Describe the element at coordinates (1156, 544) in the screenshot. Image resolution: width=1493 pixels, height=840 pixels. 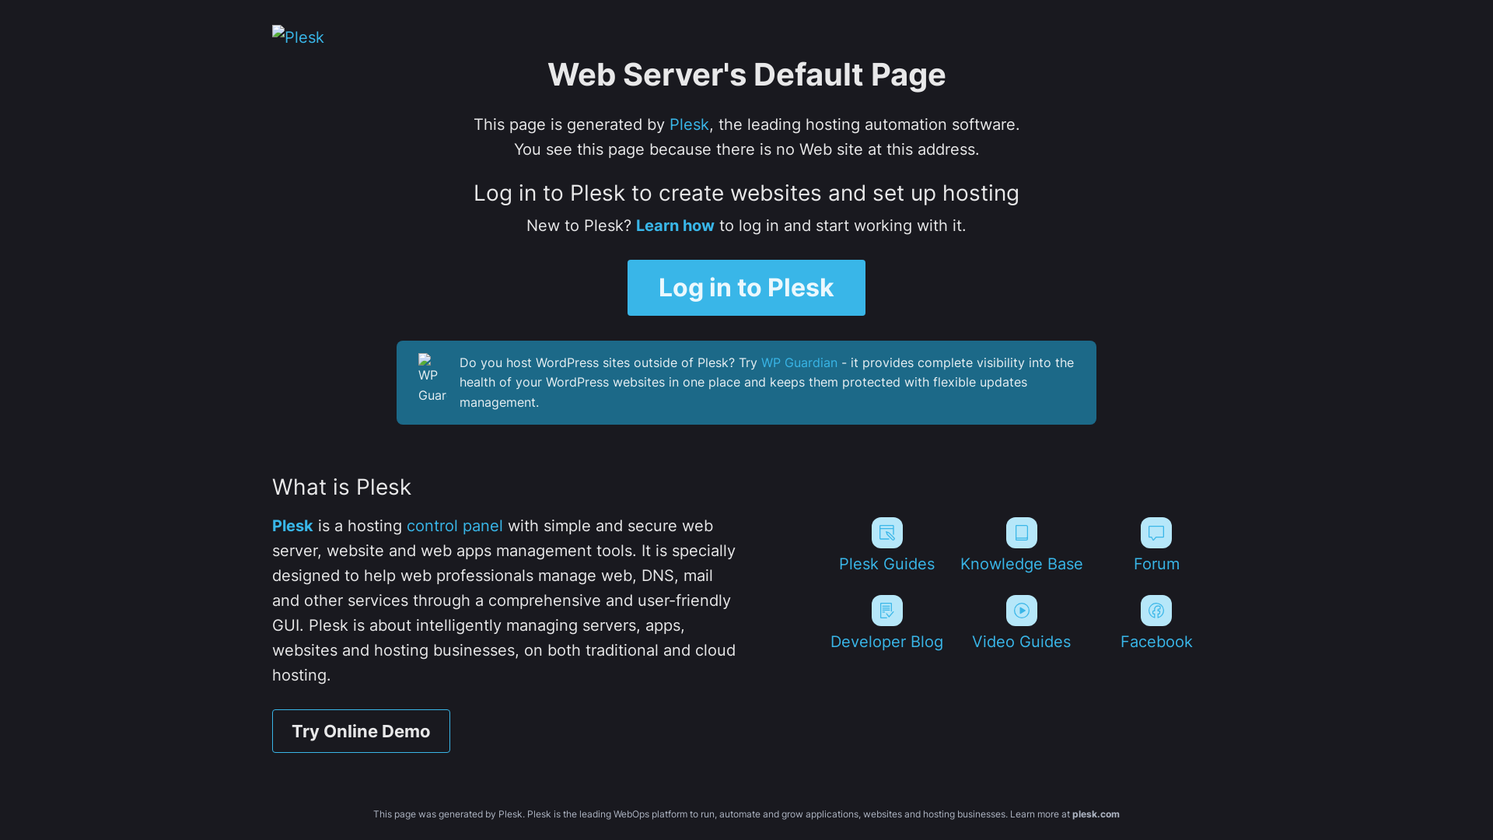
I see `'Forum'` at that location.